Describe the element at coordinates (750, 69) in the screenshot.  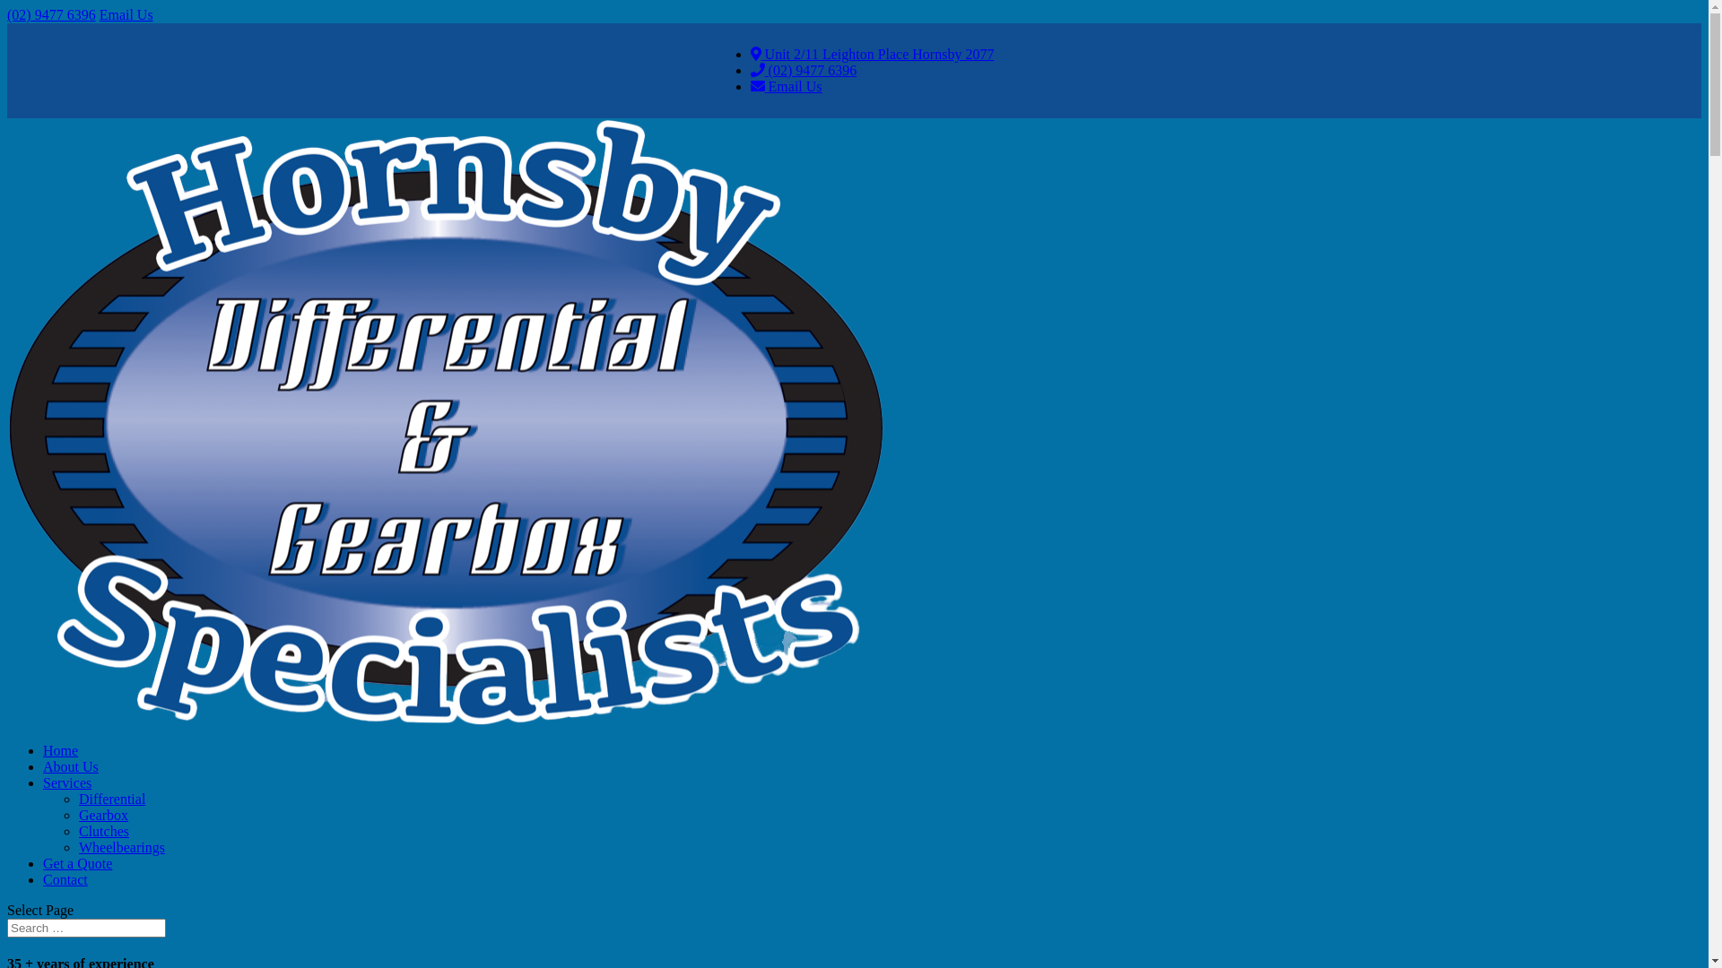
I see `'(02) 9477 6396'` at that location.